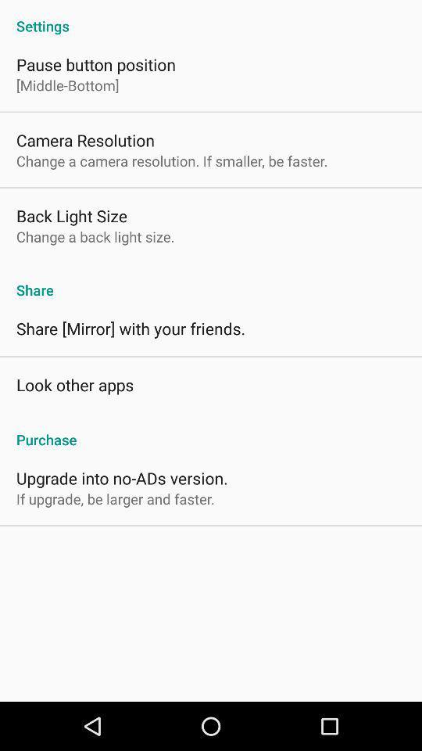 The height and width of the screenshot is (751, 422). Describe the element at coordinates (211, 431) in the screenshot. I see `the purchase` at that location.